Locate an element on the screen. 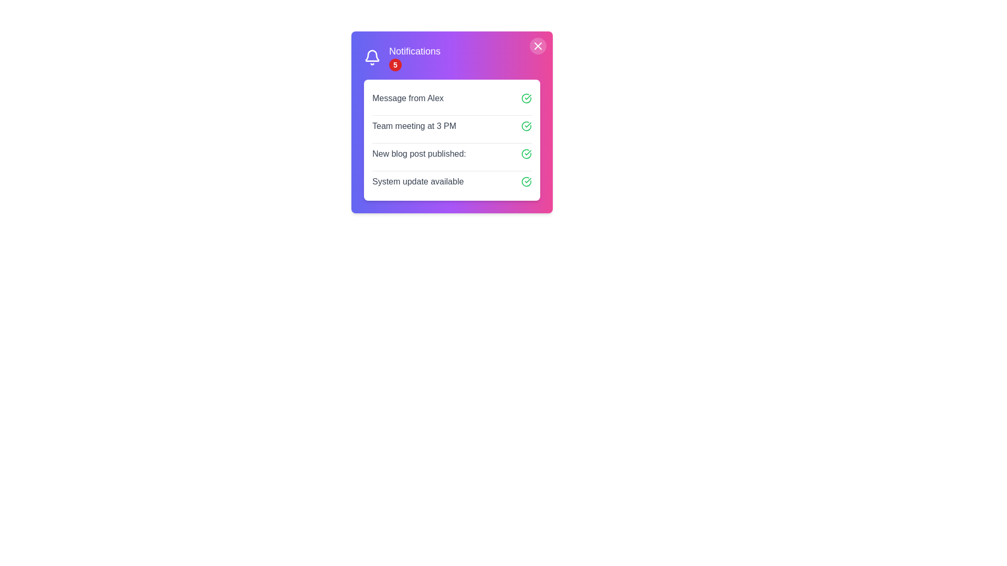 The image size is (1007, 566). the green checkmark icon in the notification item that reads 'System update available' for acknowledgment is located at coordinates (452, 181).